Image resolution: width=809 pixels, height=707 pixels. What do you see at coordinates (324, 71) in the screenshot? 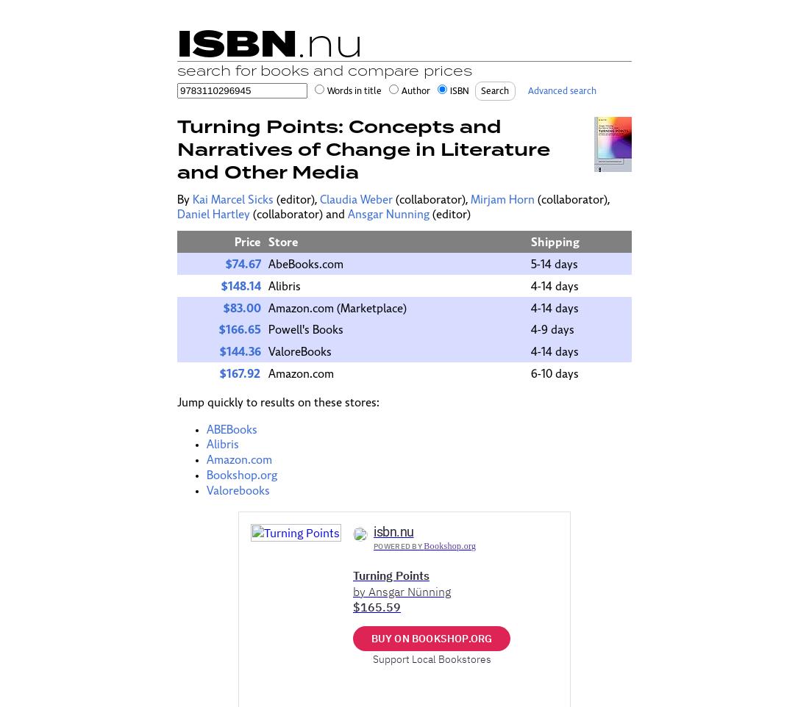
I see `'search for books and compare prices'` at bounding box center [324, 71].